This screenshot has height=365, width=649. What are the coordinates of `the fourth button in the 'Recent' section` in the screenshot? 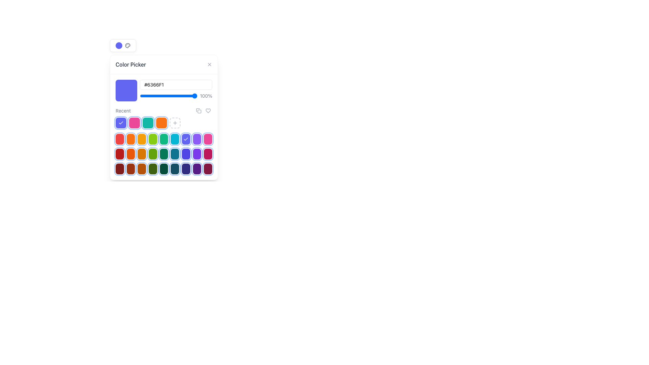 It's located at (152, 169).